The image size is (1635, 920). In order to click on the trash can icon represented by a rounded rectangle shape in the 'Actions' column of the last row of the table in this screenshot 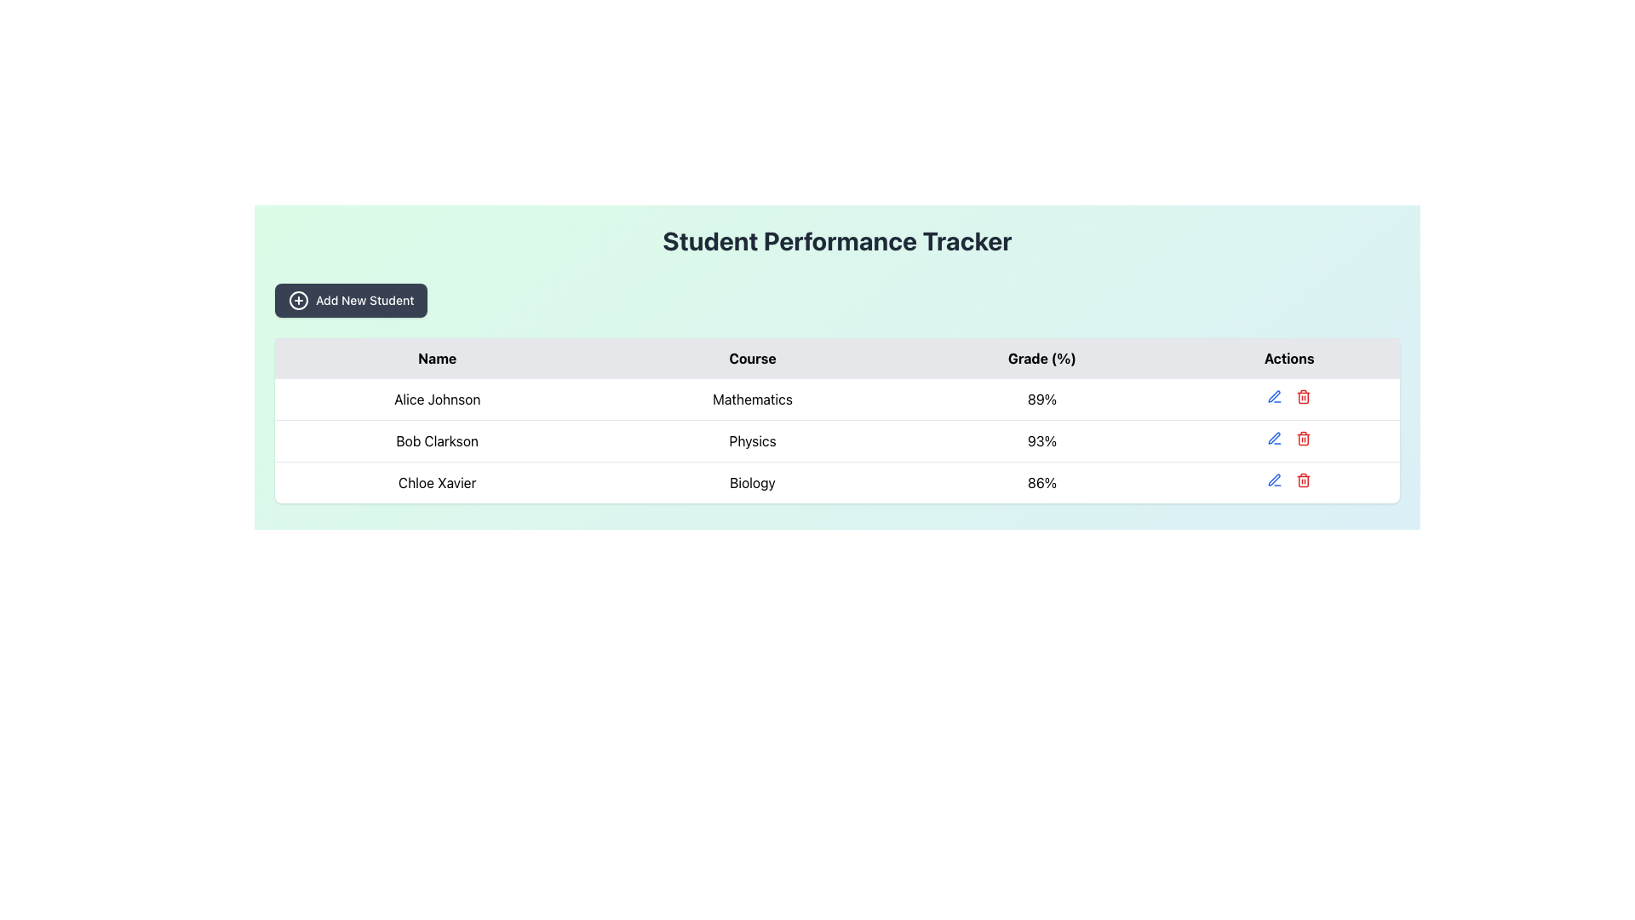, I will do `click(1303, 439)`.